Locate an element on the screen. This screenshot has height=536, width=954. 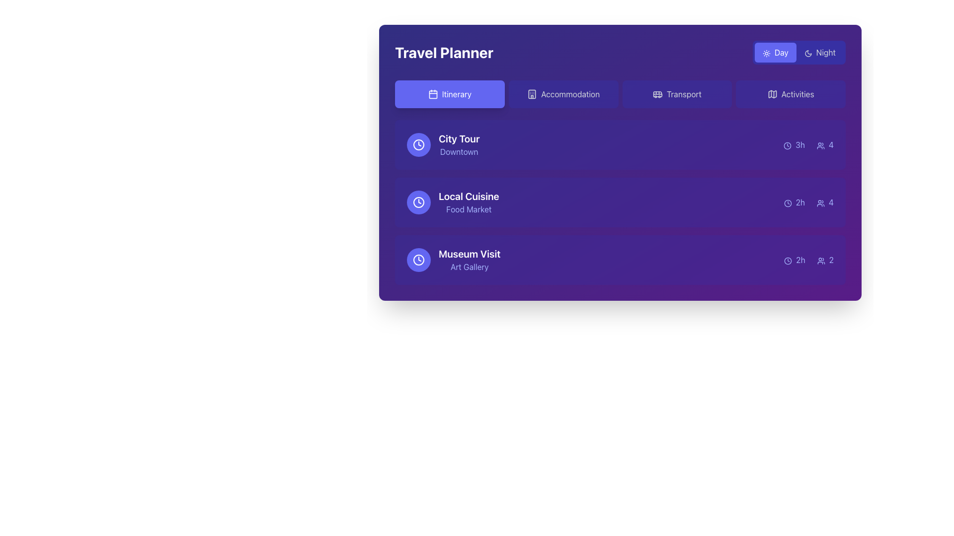
the bottom-most list item titled 'Museum Visit' with the subtitle 'Art Gallery' is located at coordinates (620, 260).